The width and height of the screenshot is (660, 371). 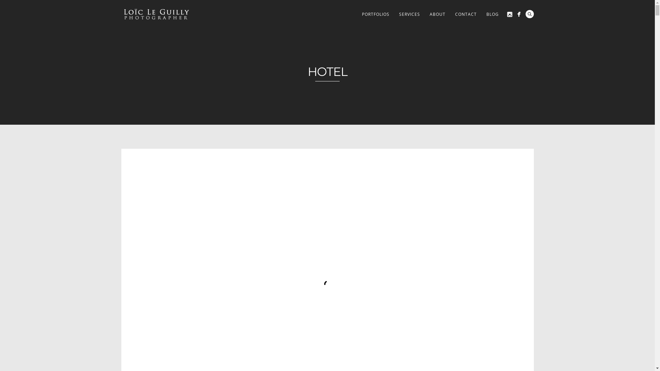 I want to click on 'BLOG', so click(x=481, y=14).